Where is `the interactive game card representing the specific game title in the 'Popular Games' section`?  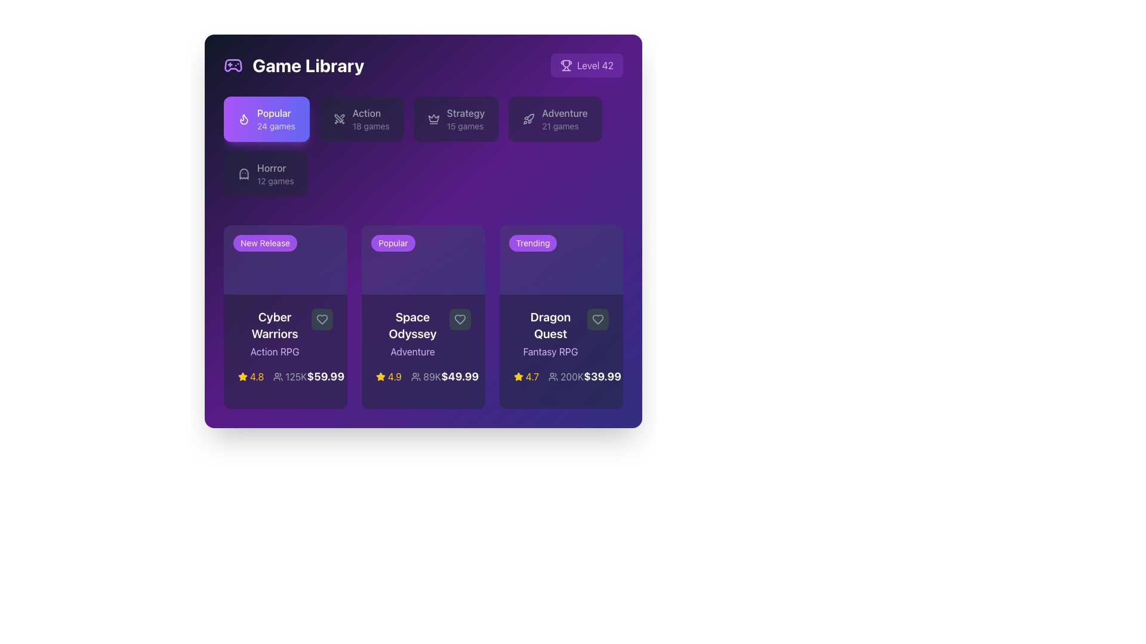 the interactive game card representing the specific game title in the 'Popular Games' section is located at coordinates (423, 351).